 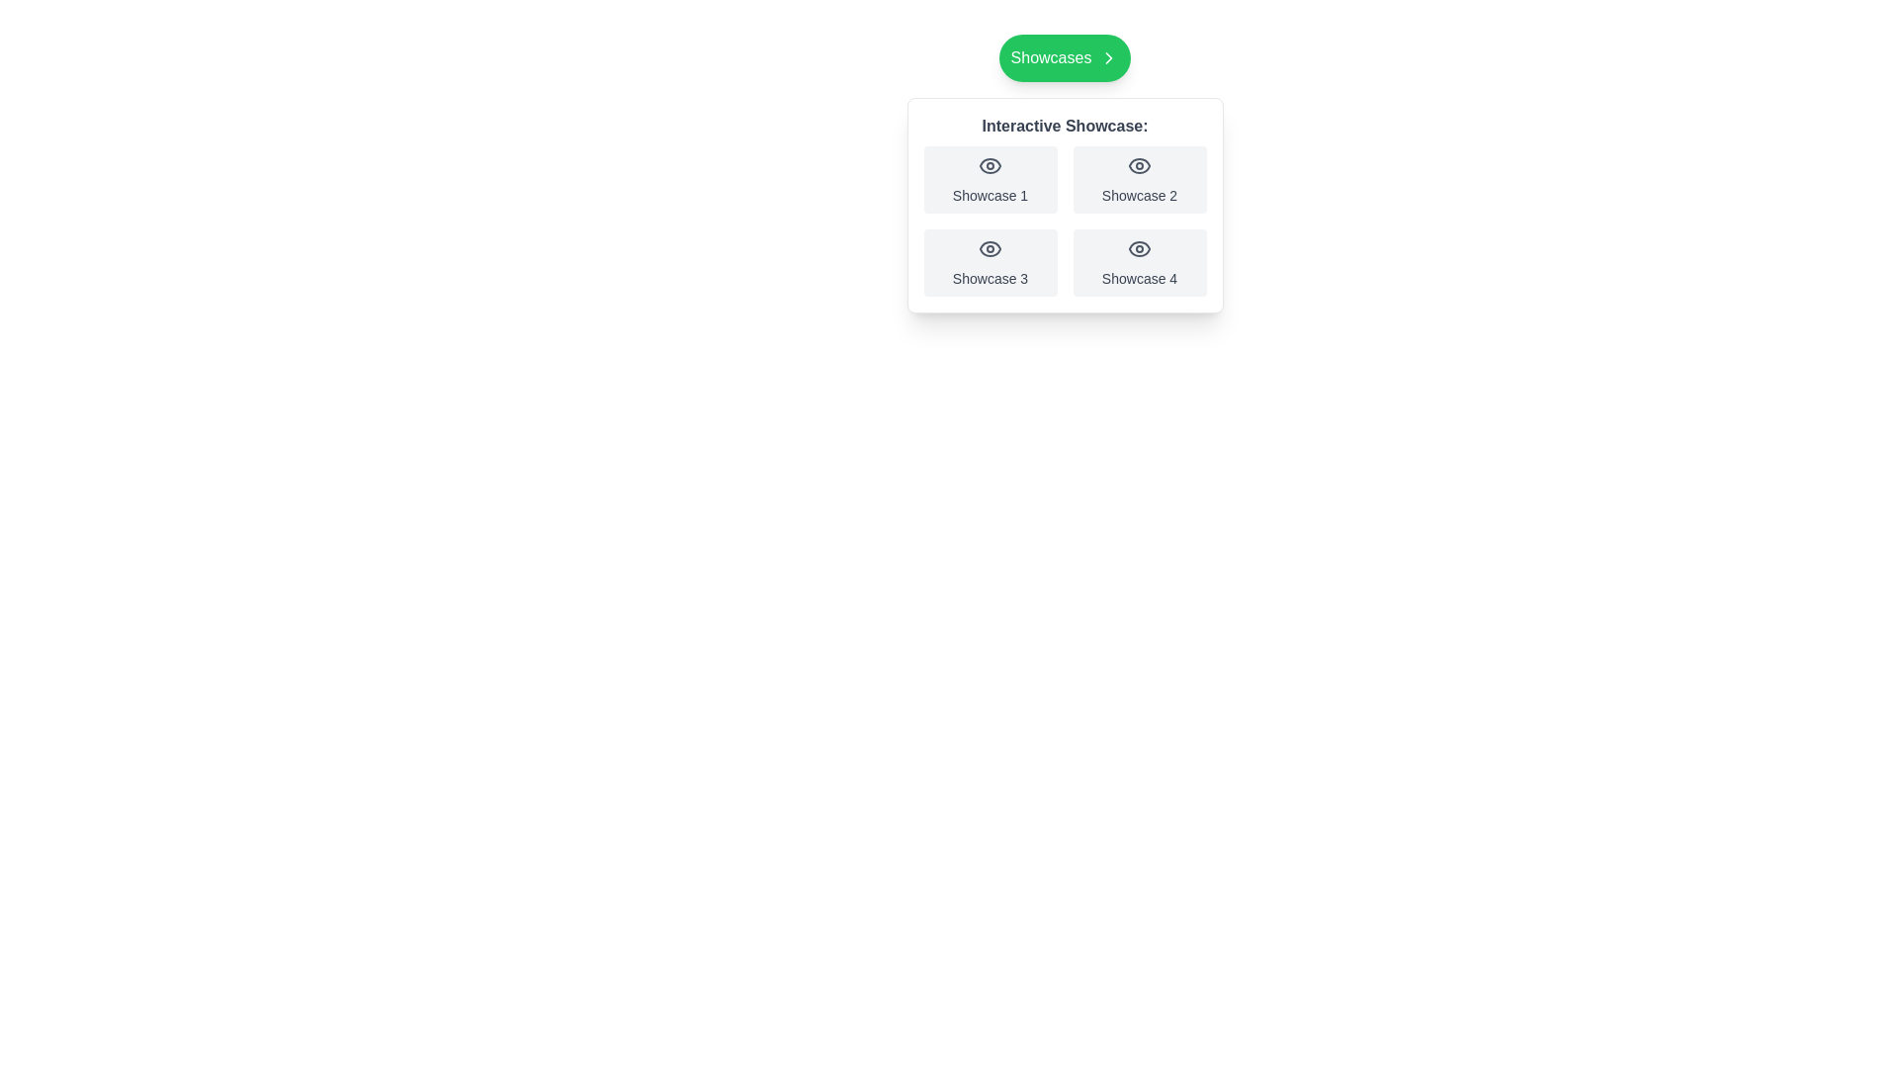 I want to click on the viewing icon associated with 'Showcase 3' located in the bottom-left quadrant of the four-icon grid under 'Interactive Showcase', so click(x=991, y=247).